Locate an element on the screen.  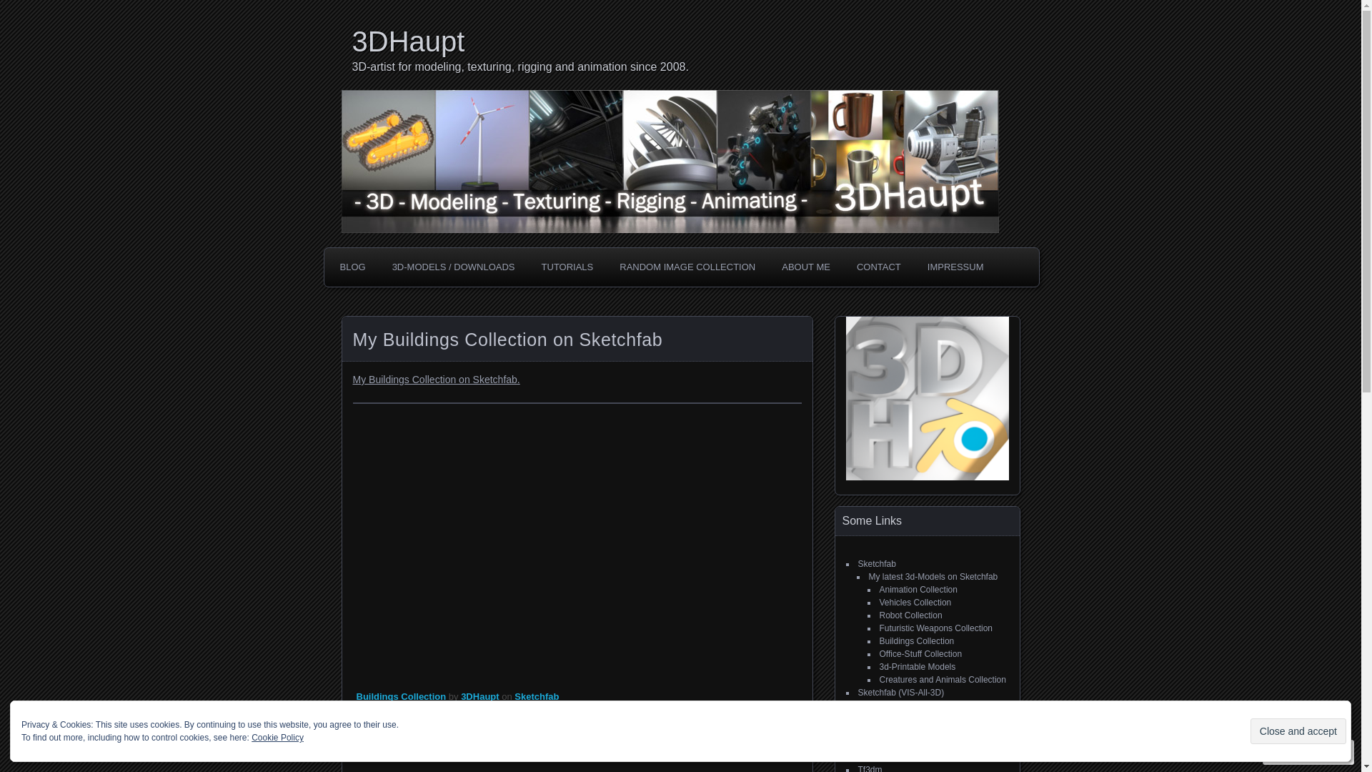
'Sketchfab' is located at coordinates (875, 563).